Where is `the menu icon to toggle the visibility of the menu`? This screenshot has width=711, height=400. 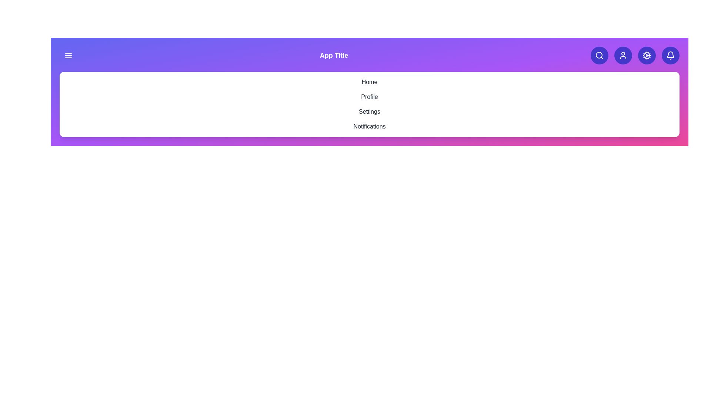
the menu icon to toggle the visibility of the menu is located at coordinates (69, 55).